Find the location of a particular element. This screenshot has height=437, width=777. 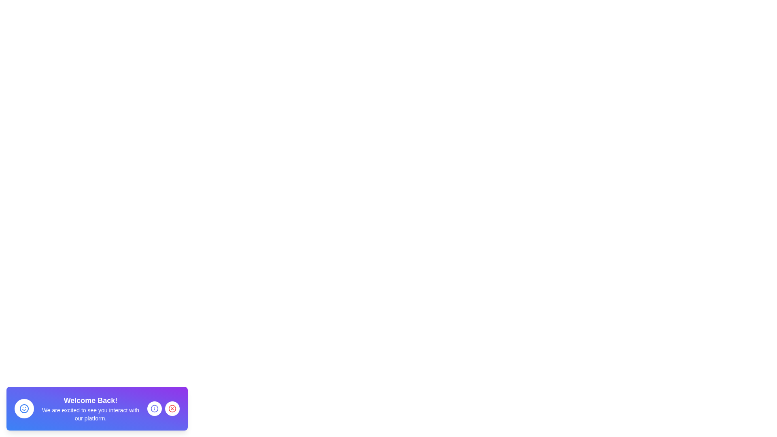

the smiley icon and its associated message is located at coordinates (24, 409).